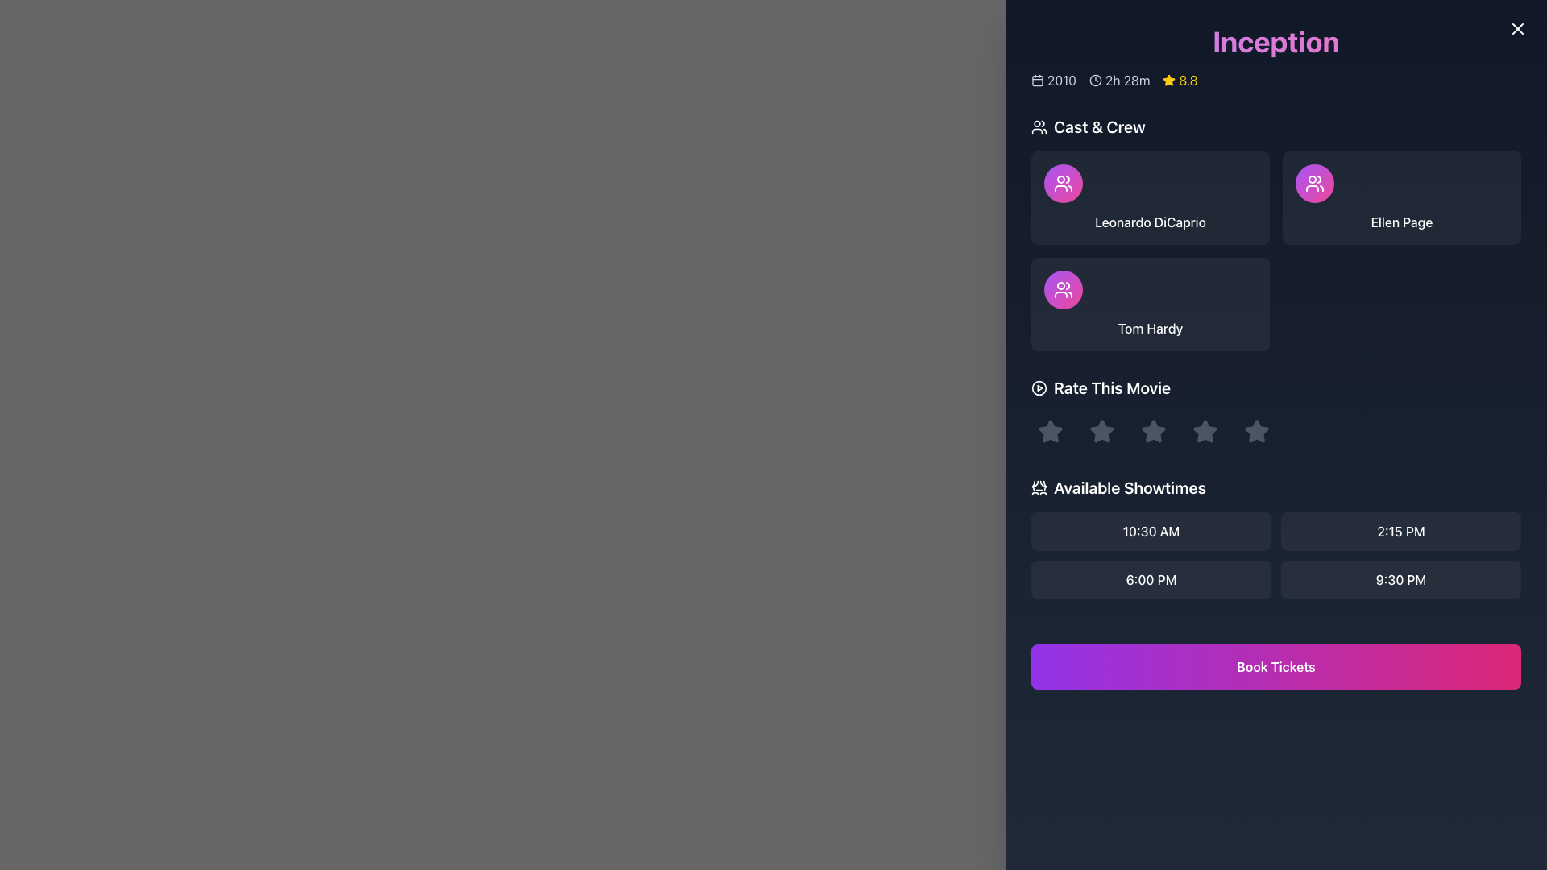 Image resolution: width=1547 pixels, height=870 pixels. Describe the element at coordinates (1151, 531) in the screenshot. I see `the '10:30 AM' showtime button located in the top-left corner of the 'Available Showtimes' section` at that location.